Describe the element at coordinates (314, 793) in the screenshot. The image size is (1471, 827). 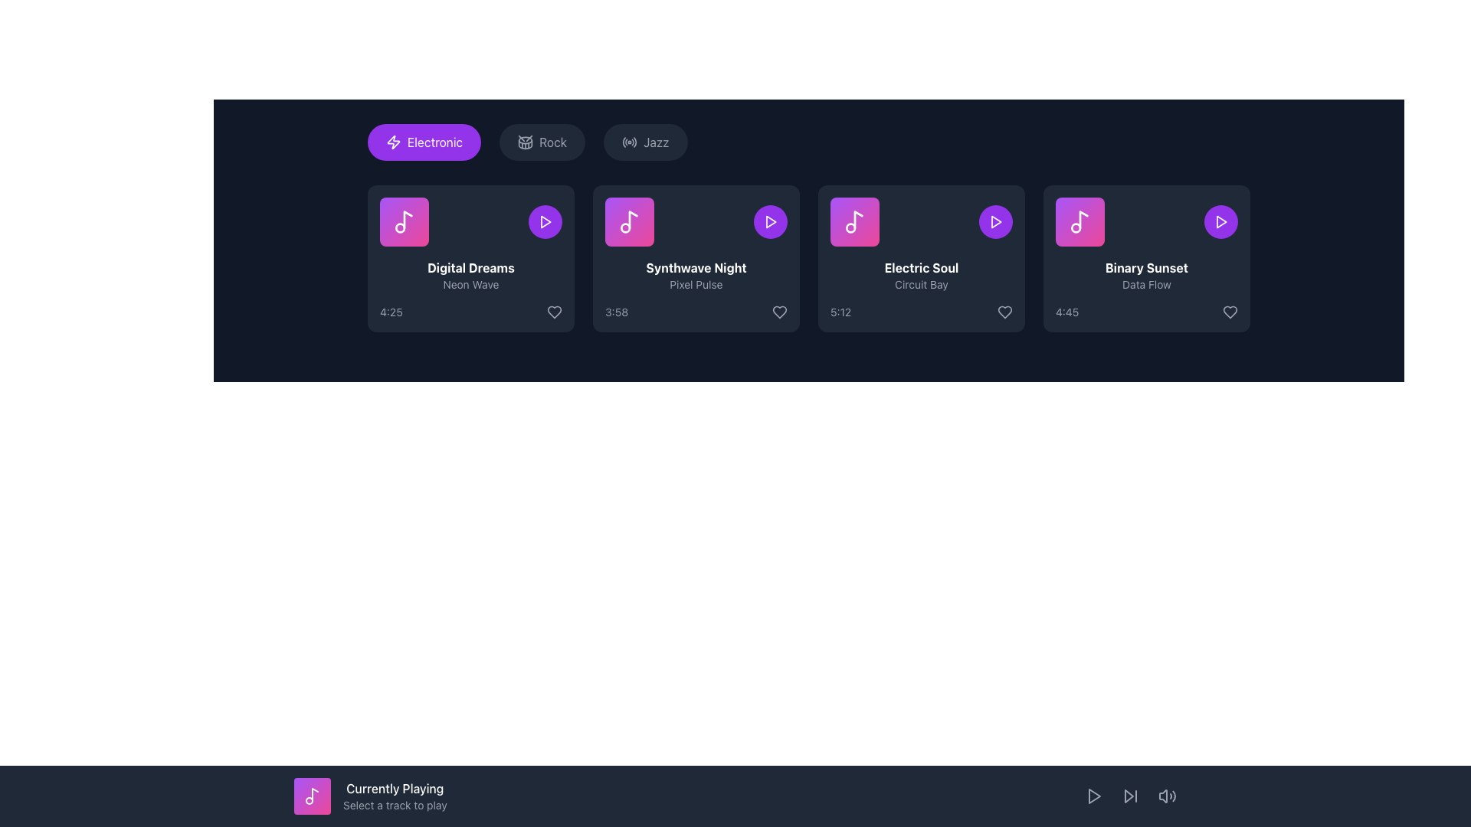
I see `the music note icon in the 'Currently Playing' section, which visually represents the musical context` at that location.